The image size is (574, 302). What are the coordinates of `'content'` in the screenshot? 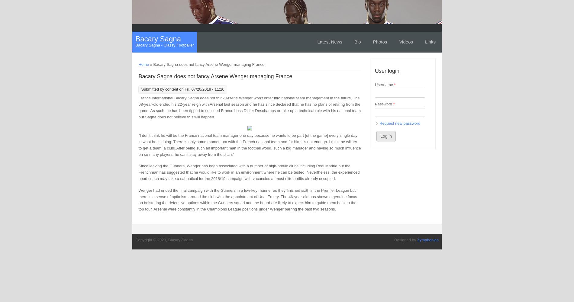 It's located at (171, 89).